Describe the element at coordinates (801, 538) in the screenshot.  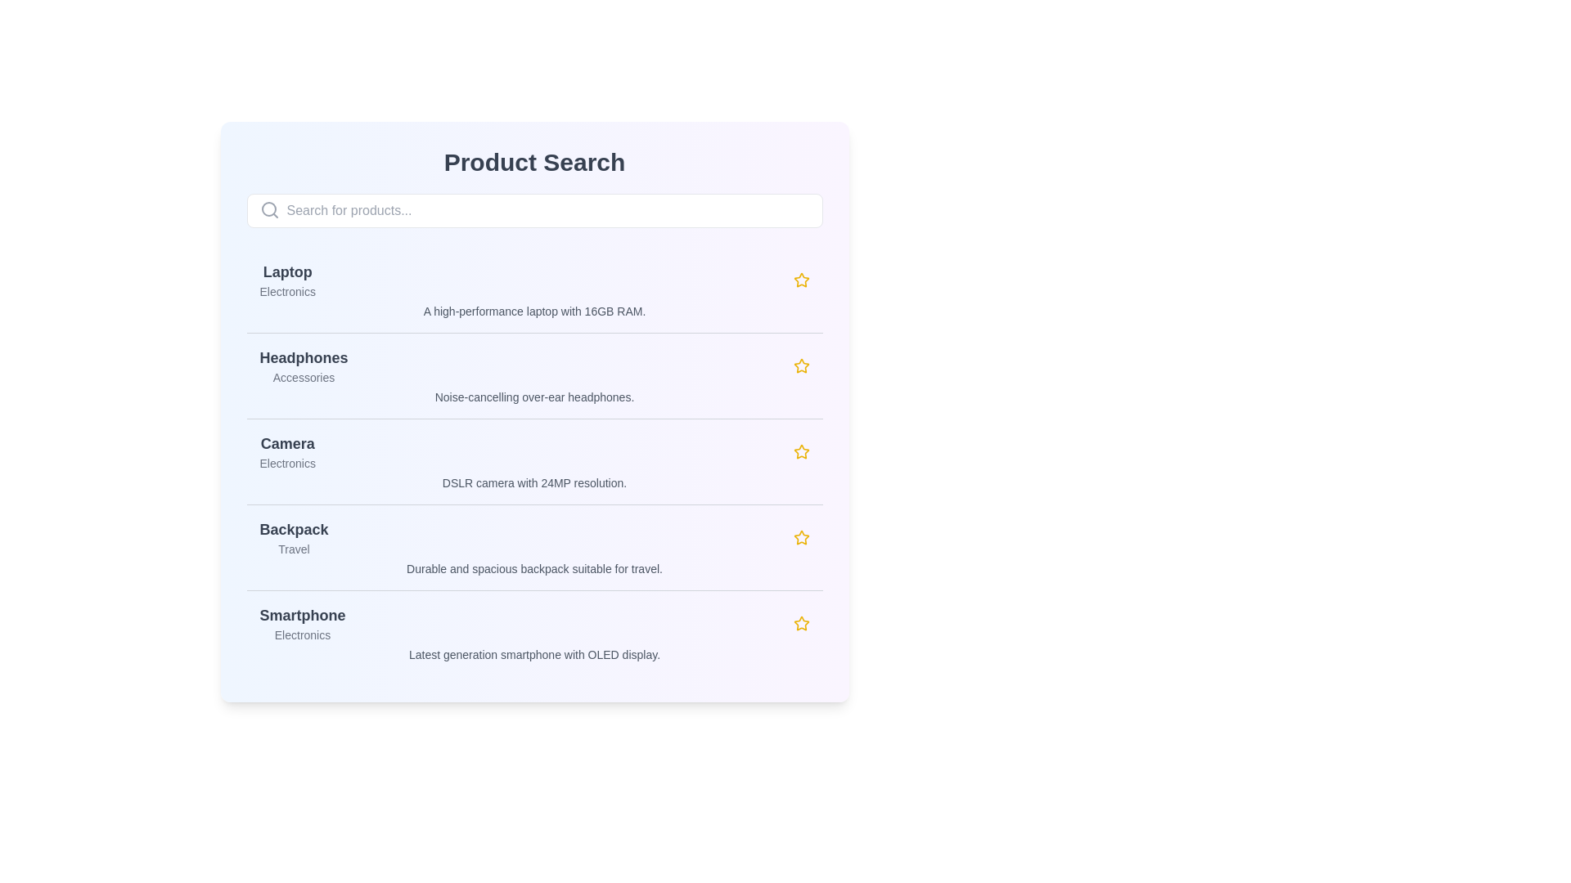
I see `the fourth star icon, which is gold-colored and outlined, located to the right of the 'BackpackTravel' entry, to mark it` at that location.